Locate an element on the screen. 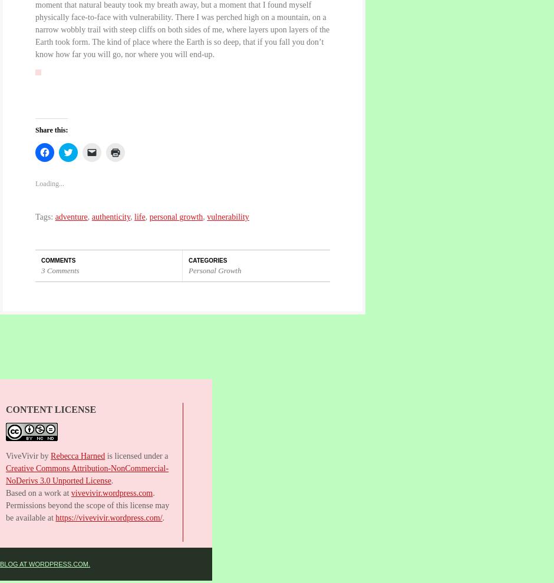 The height and width of the screenshot is (583, 554). 'Based on a work at' is located at coordinates (37, 492).